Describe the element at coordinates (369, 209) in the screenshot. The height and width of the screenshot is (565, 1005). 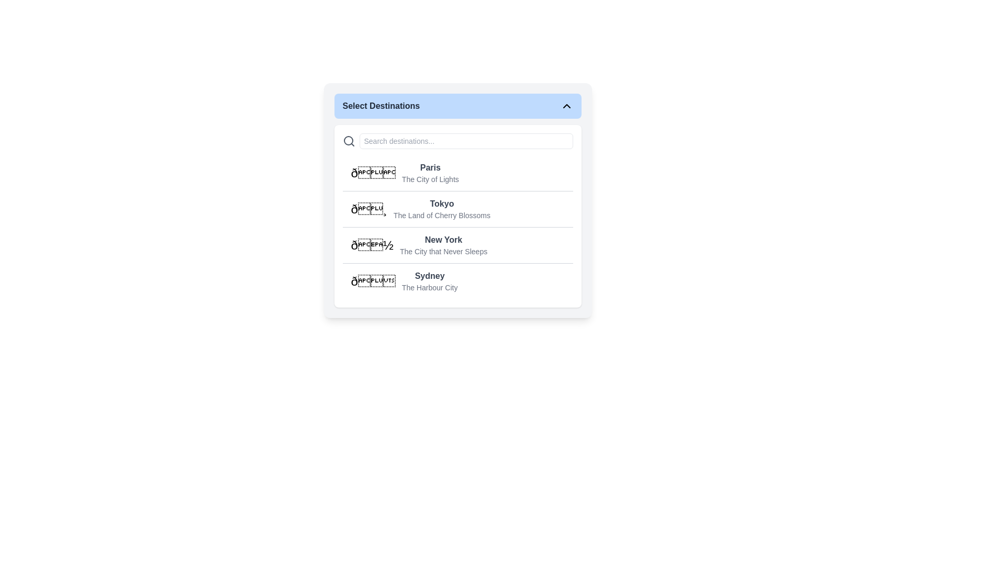
I see `the large emoji symbol styled with 'text-2xl' class, located in the second option labeled 'Tokyo - The Land of Cherry Blossoms.'` at that location.